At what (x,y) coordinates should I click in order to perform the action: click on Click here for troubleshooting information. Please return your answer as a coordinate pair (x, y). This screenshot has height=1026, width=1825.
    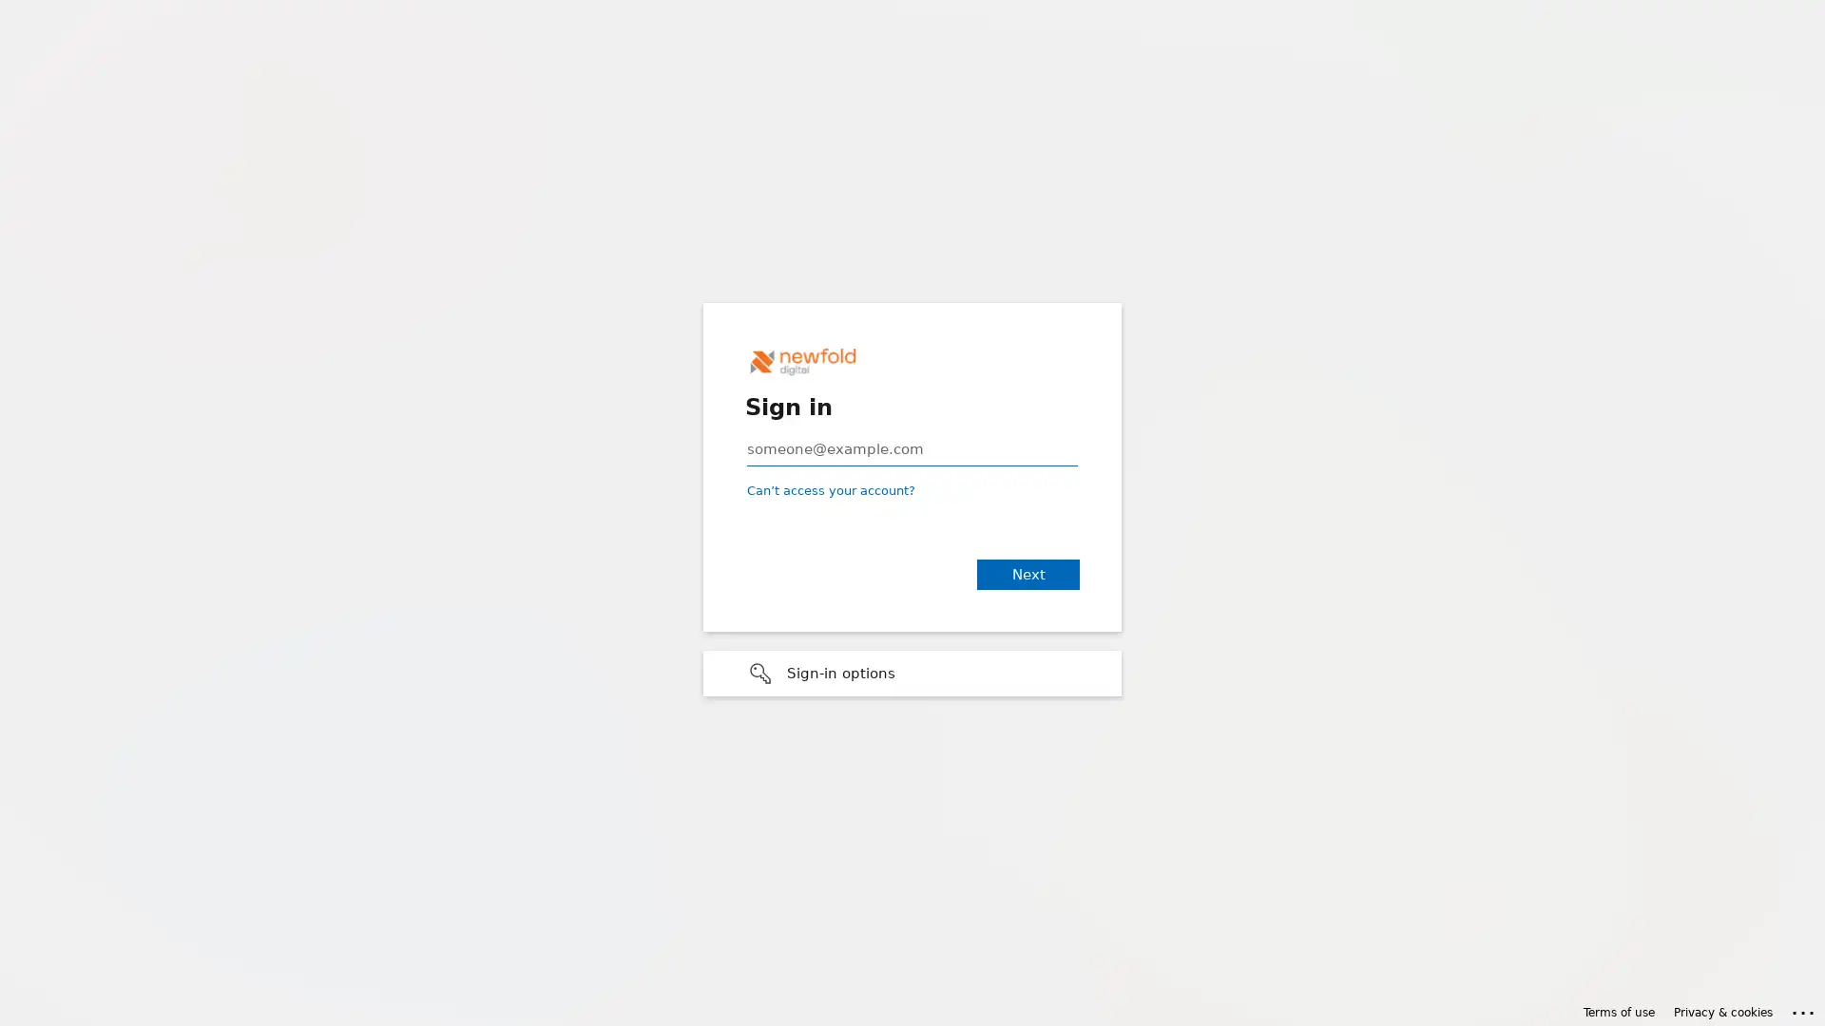
    Looking at the image, I should click on (1803, 1009).